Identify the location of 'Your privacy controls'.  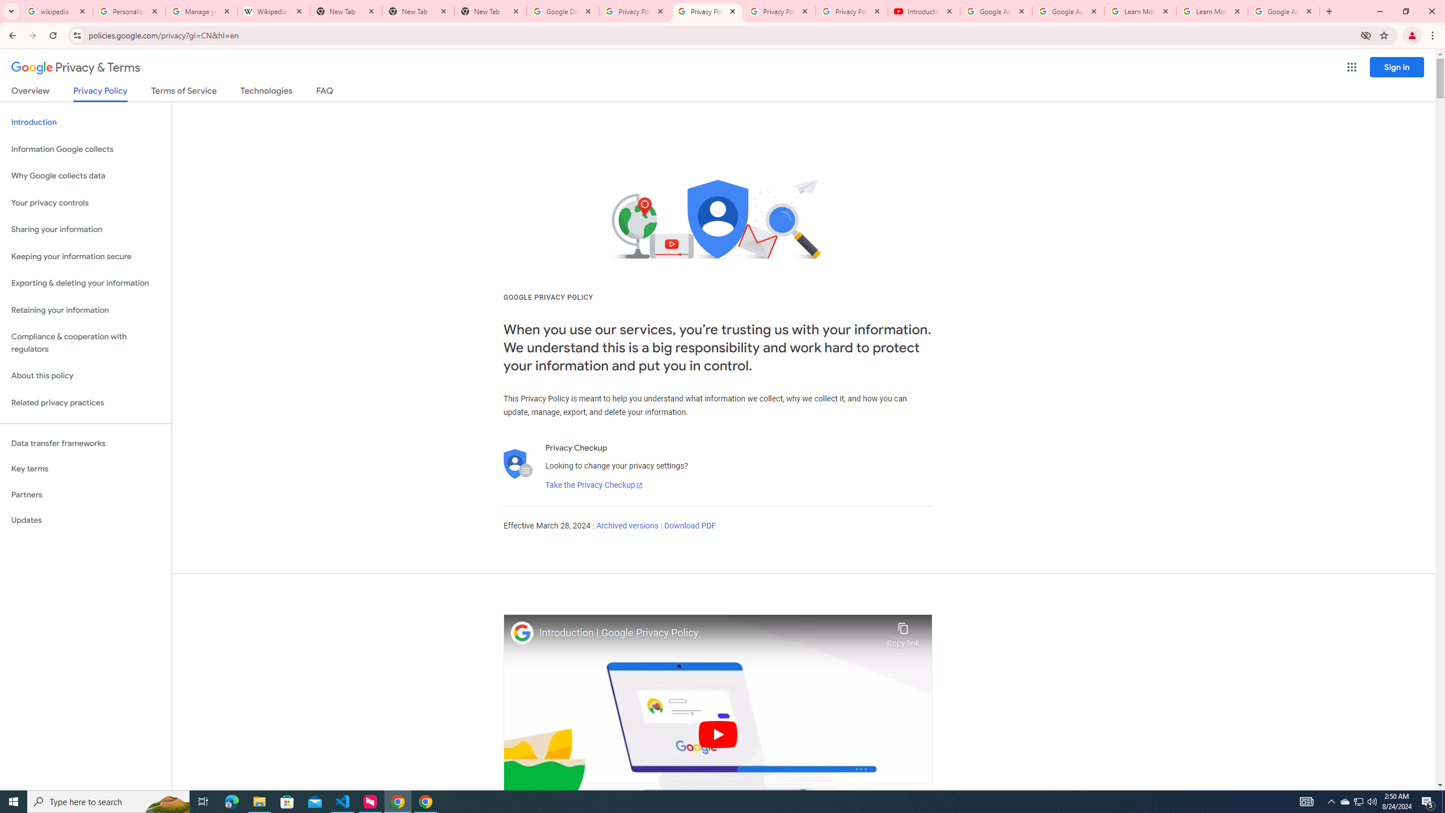
(85, 203).